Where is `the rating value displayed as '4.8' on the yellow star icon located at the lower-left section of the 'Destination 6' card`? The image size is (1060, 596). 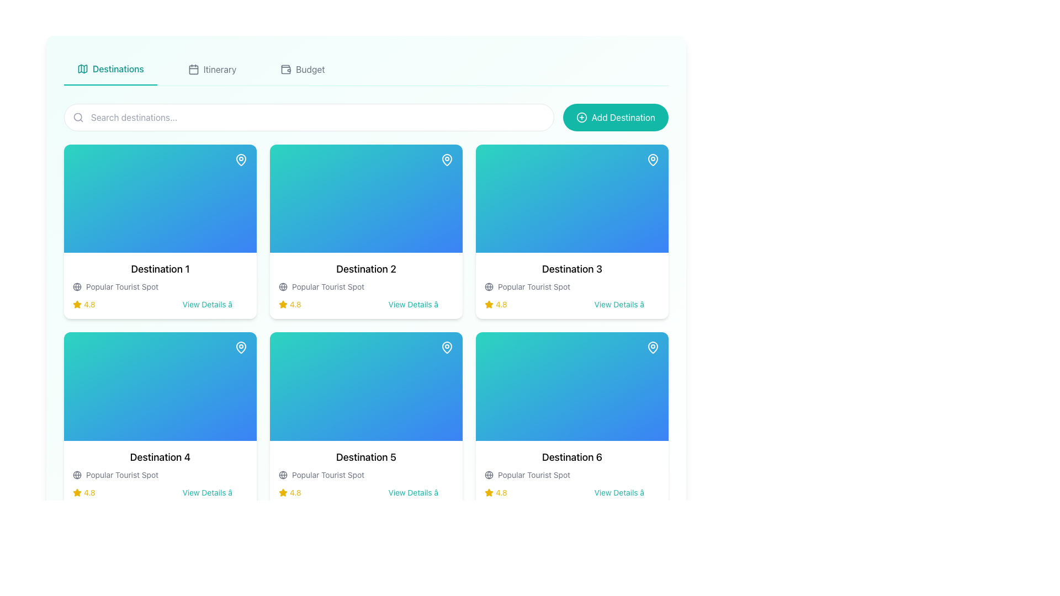 the rating value displayed as '4.8' on the yellow star icon located at the lower-left section of the 'Destination 6' card is located at coordinates (495, 492).